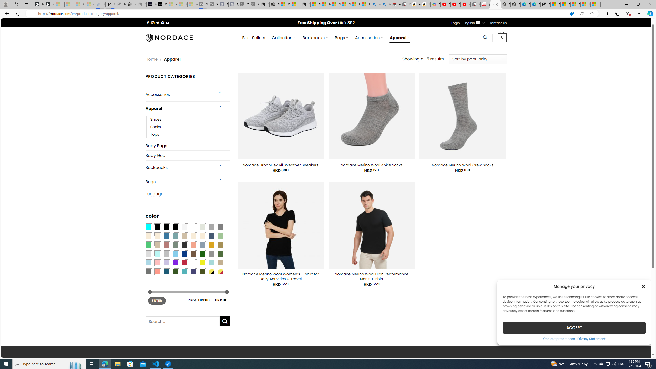 Image resolution: width=656 pixels, height=369 pixels. What do you see at coordinates (171, 4) in the screenshot?
I see `'Microsoft Start Sports - Sleeping'` at bounding box center [171, 4].